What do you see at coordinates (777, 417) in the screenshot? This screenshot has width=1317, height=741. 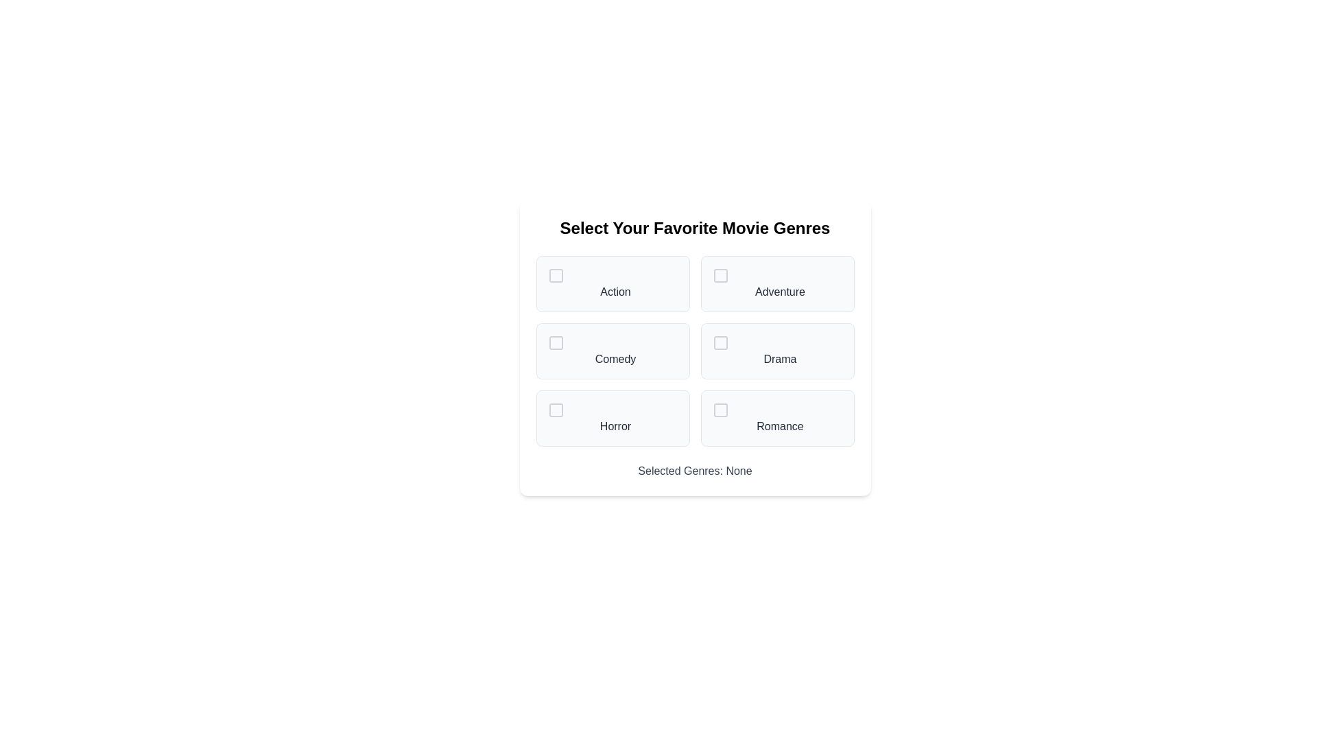 I see `the genre Romance to select or deselect it` at bounding box center [777, 417].